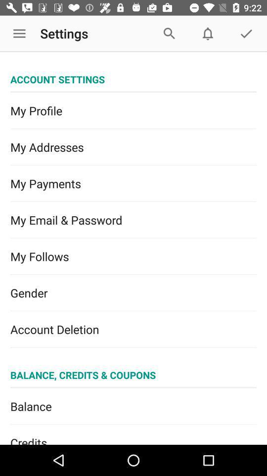 Image resolution: width=267 pixels, height=476 pixels. I want to click on icon above the account settings, so click(19, 34).